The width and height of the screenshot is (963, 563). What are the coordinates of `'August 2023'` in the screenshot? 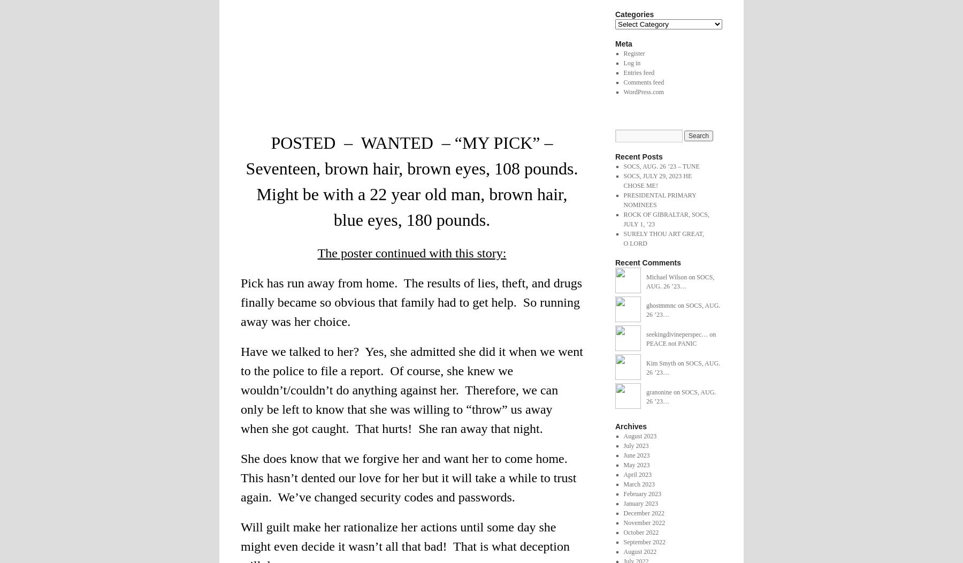 It's located at (622, 436).